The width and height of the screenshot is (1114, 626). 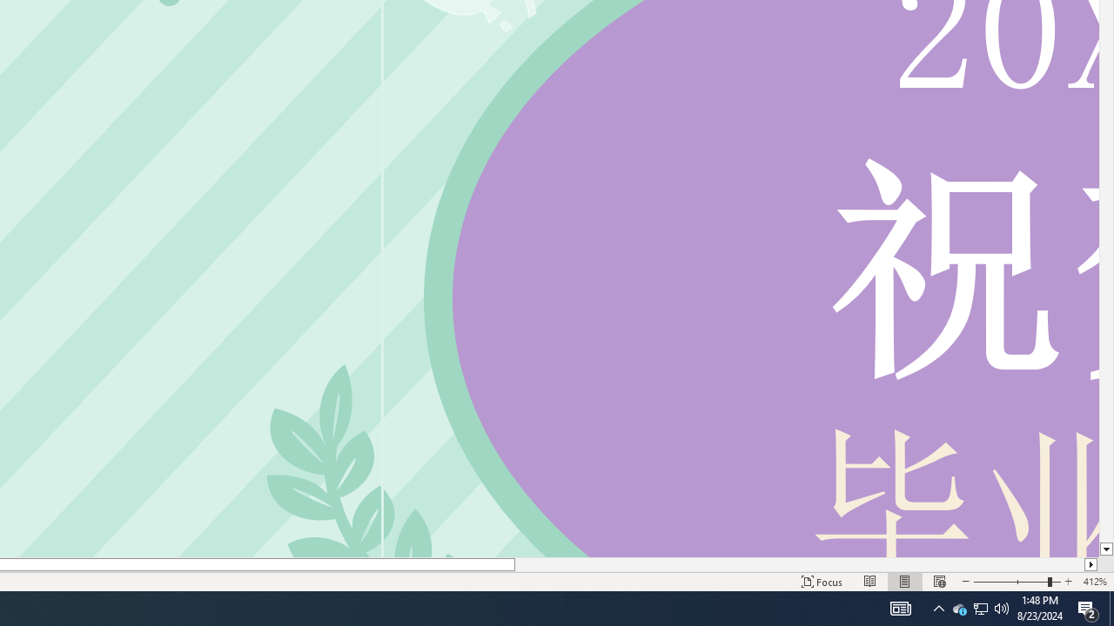 What do you see at coordinates (1091, 564) in the screenshot?
I see `'Column right'` at bounding box center [1091, 564].